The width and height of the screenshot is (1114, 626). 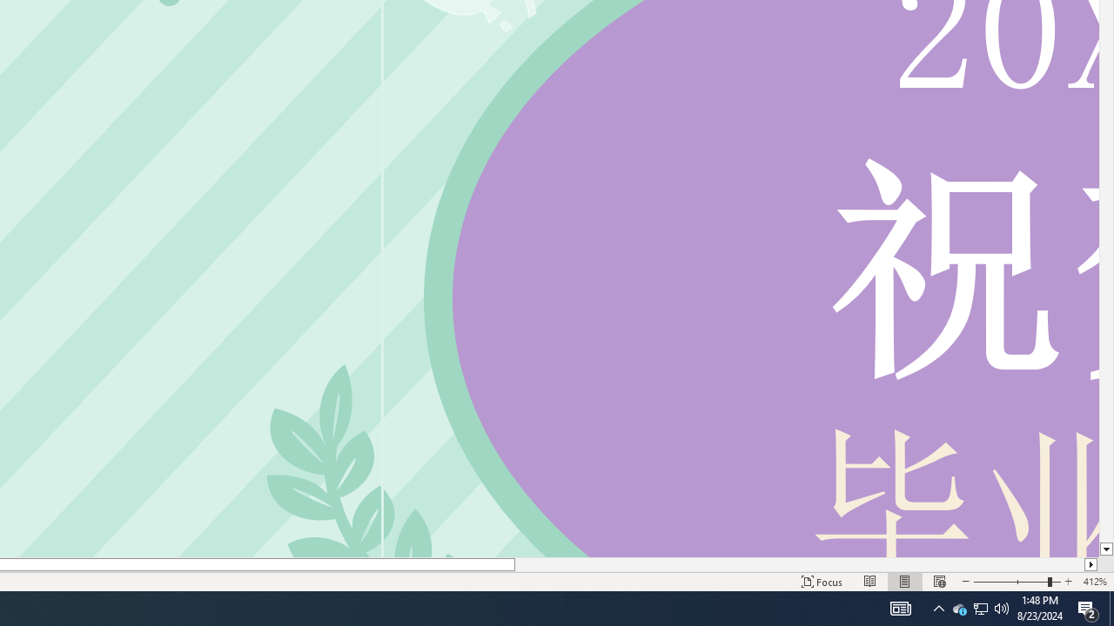 What do you see at coordinates (1091, 564) in the screenshot?
I see `'Column right'` at bounding box center [1091, 564].